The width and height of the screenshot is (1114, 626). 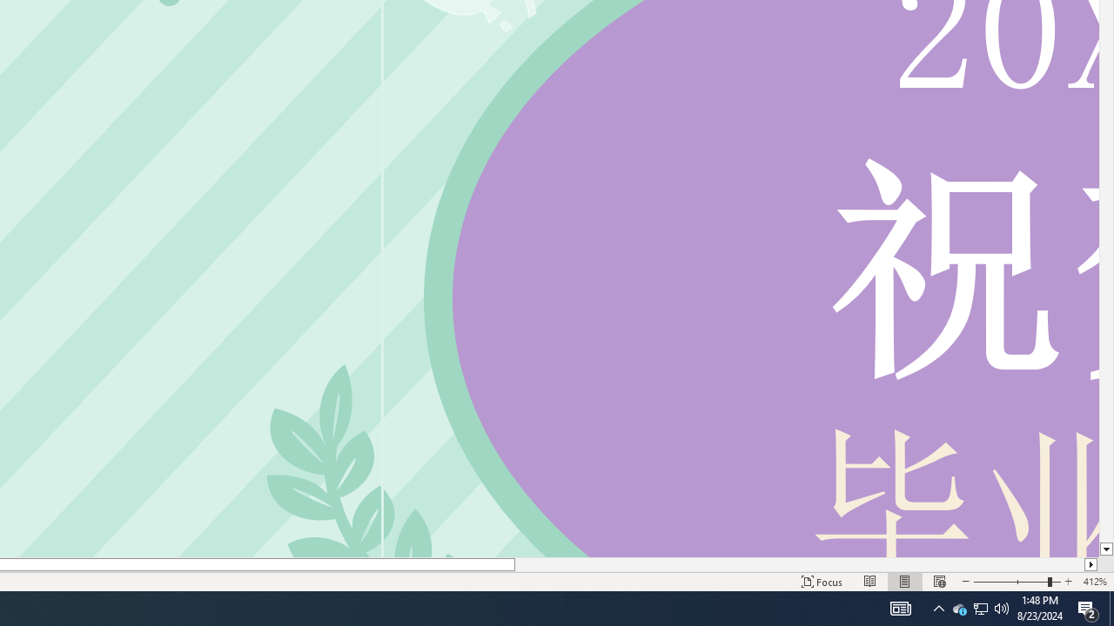 What do you see at coordinates (1091, 564) in the screenshot?
I see `'Column right'` at bounding box center [1091, 564].